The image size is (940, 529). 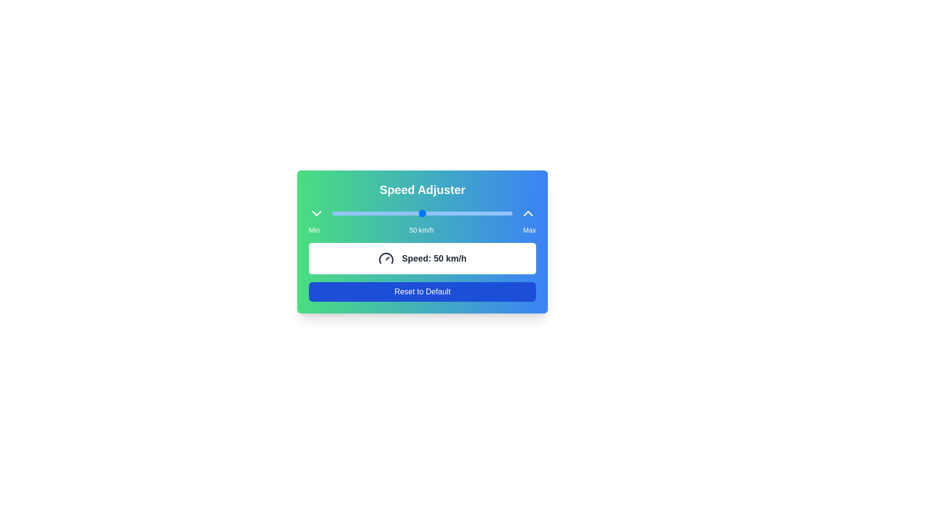 What do you see at coordinates (345, 213) in the screenshot?
I see `the slider value` at bounding box center [345, 213].